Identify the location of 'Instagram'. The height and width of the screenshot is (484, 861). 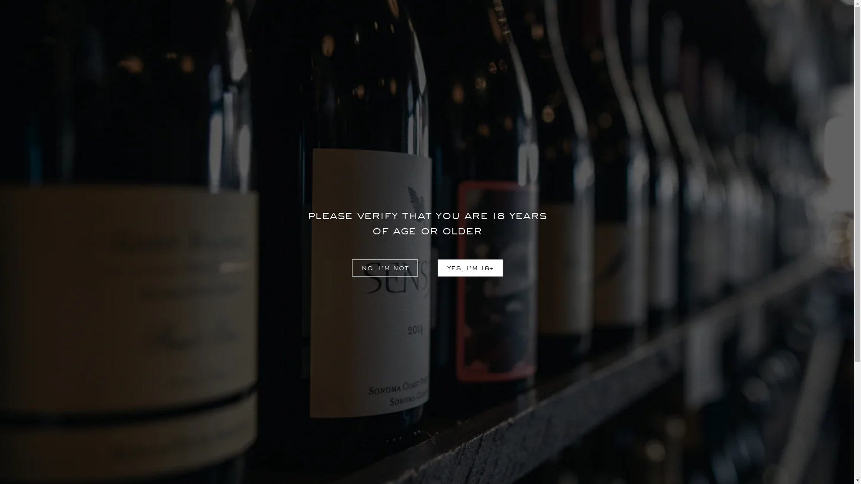
(621, 406).